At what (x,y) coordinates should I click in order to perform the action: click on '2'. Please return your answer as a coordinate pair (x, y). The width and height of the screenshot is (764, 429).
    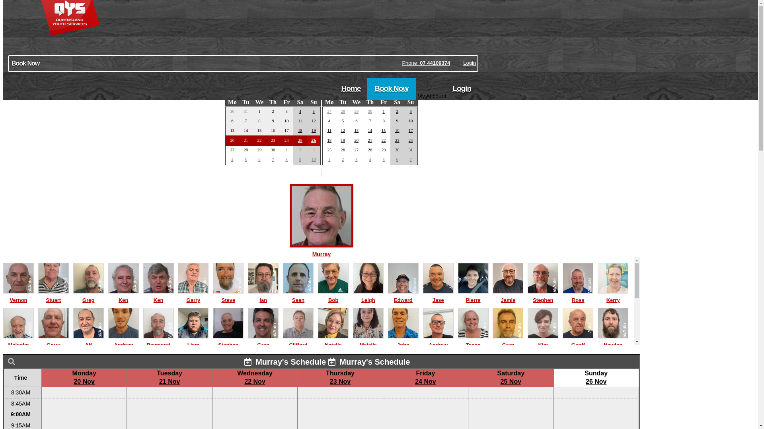
    Looking at the image, I should click on (397, 111).